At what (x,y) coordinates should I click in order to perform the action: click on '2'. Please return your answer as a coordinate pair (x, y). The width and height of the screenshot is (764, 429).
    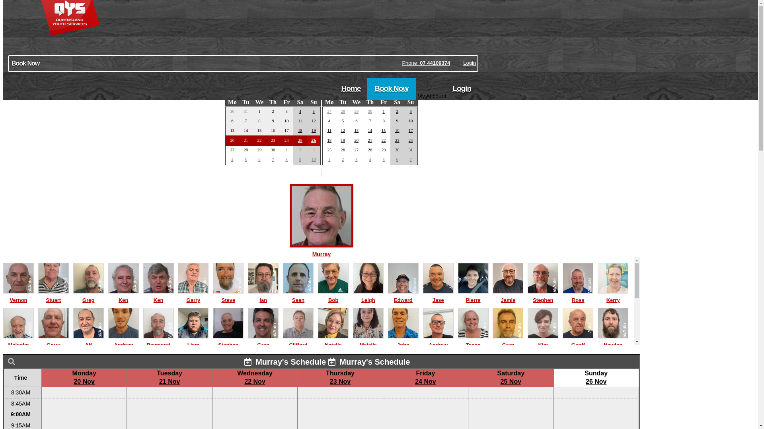
    Looking at the image, I should click on (397, 111).